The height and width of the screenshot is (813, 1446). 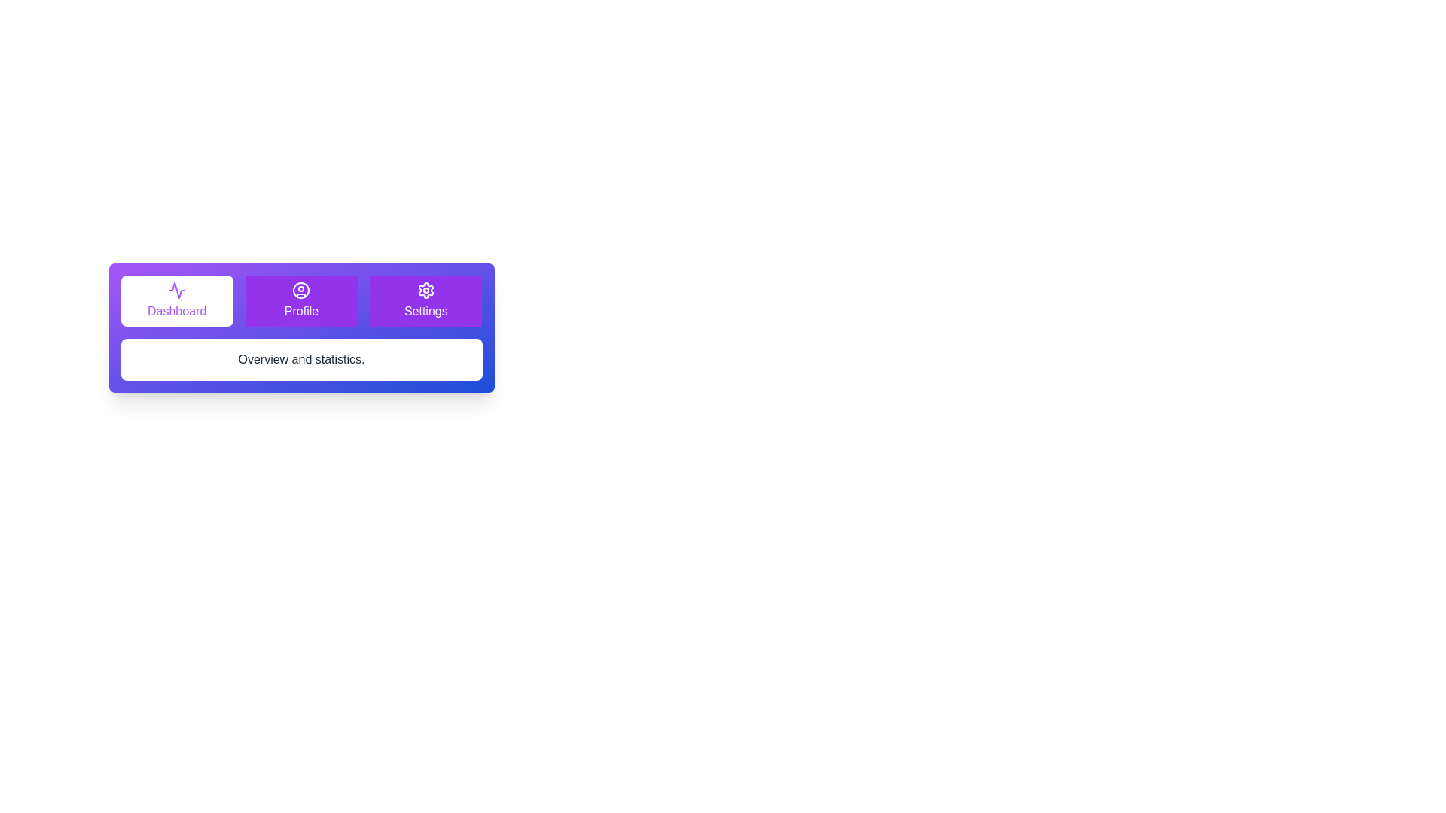 I want to click on the icon for the Dashboard tab to activate it, so click(x=177, y=290).